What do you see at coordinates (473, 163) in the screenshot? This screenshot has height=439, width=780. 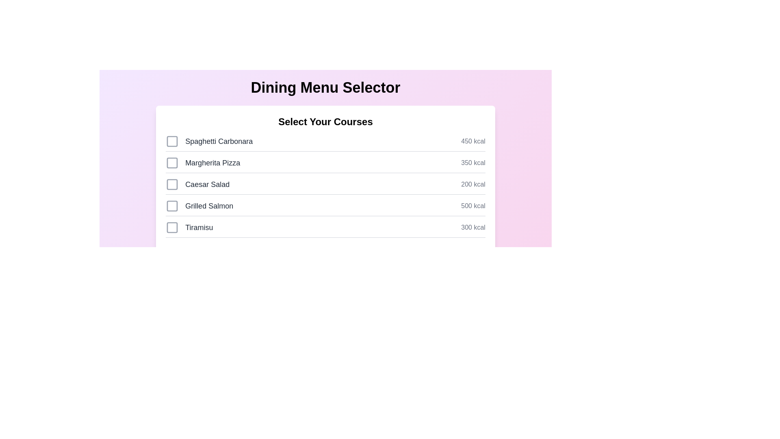 I see `the calorie information for Margherita Pizza` at bounding box center [473, 163].